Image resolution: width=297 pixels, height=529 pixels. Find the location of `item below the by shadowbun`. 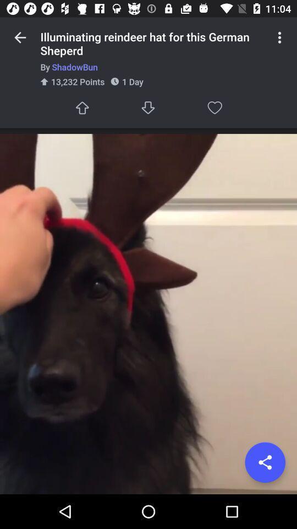

item below the by shadowbun is located at coordinates (265, 462).